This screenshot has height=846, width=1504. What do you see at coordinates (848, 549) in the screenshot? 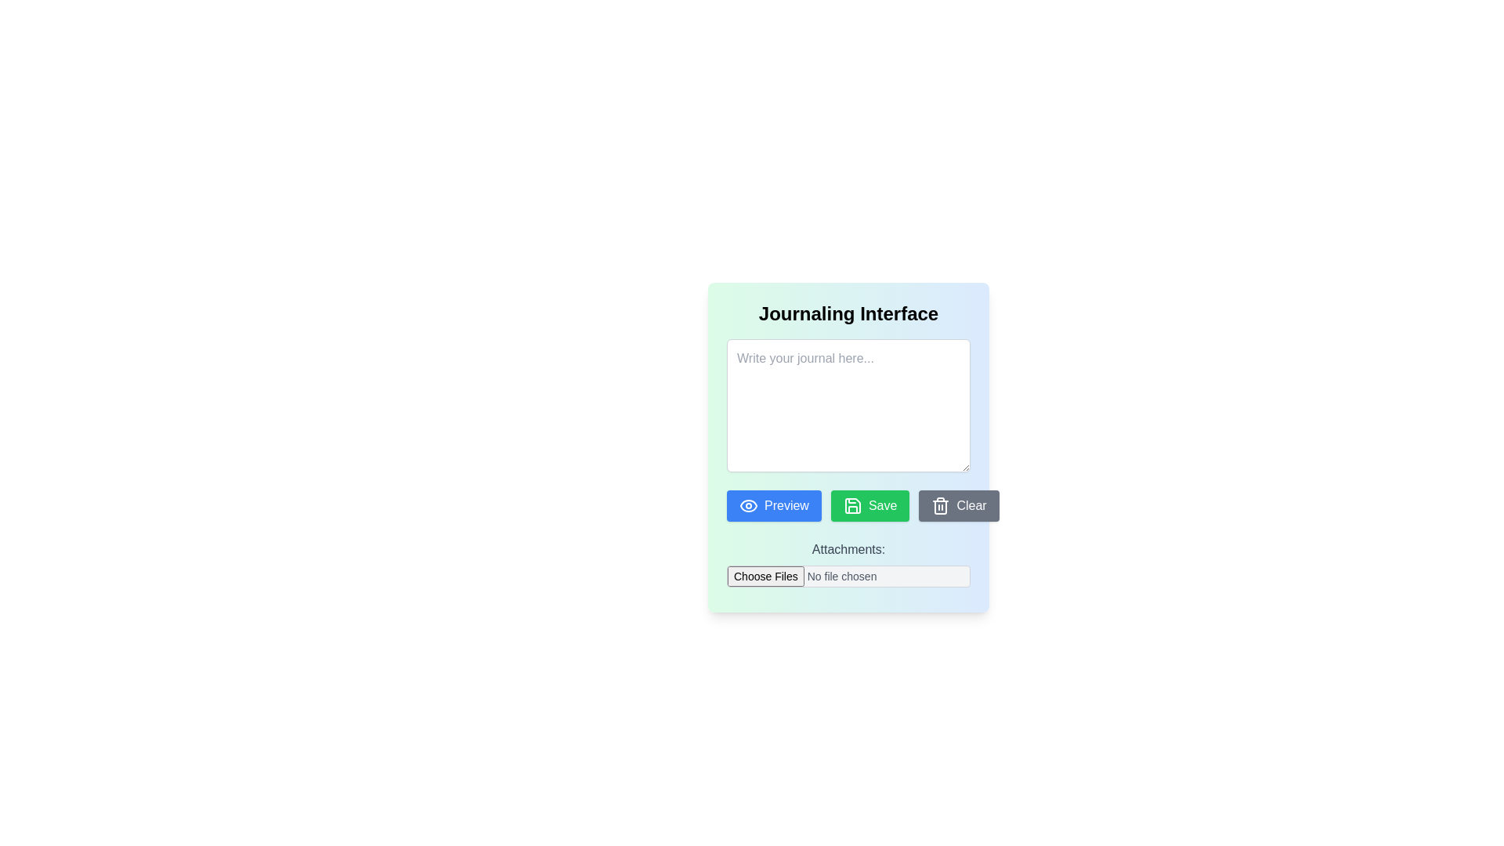
I see `the text label that provides context for the file upload field located directly beneath it in the lower-middle region of the interface` at bounding box center [848, 549].